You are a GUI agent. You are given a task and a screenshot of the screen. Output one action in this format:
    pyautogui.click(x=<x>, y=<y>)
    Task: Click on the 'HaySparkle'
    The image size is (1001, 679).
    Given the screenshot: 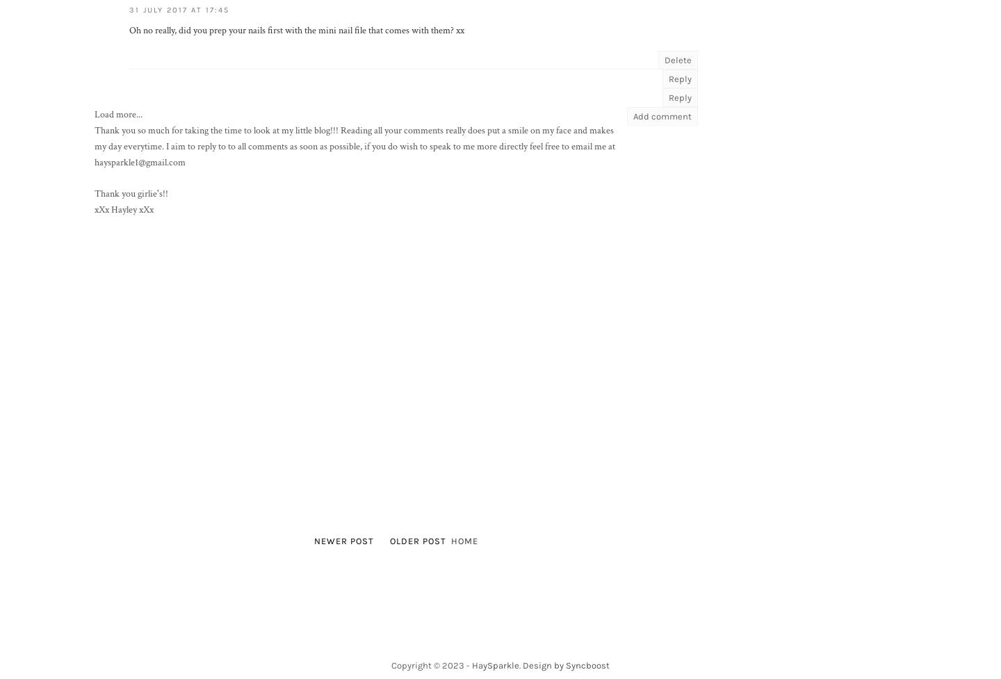 What is the action you would take?
    pyautogui.click(x=495, y=664)
    